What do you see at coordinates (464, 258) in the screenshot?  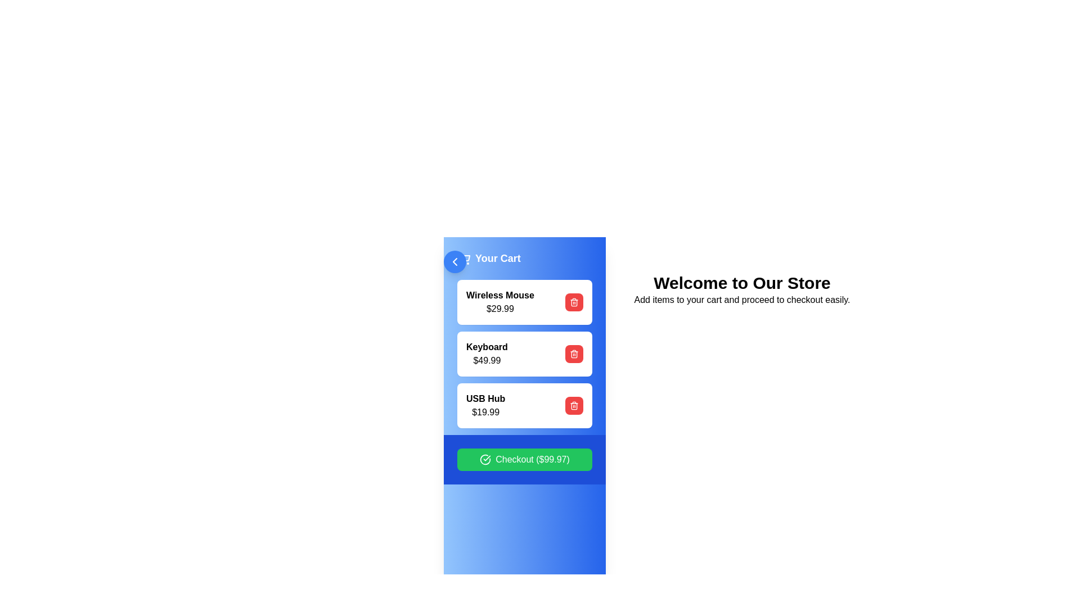 I see `shopping cart icon located at the top left of the 'Your Cart' section in the sidebar layout` at bounding box center [464, 258].